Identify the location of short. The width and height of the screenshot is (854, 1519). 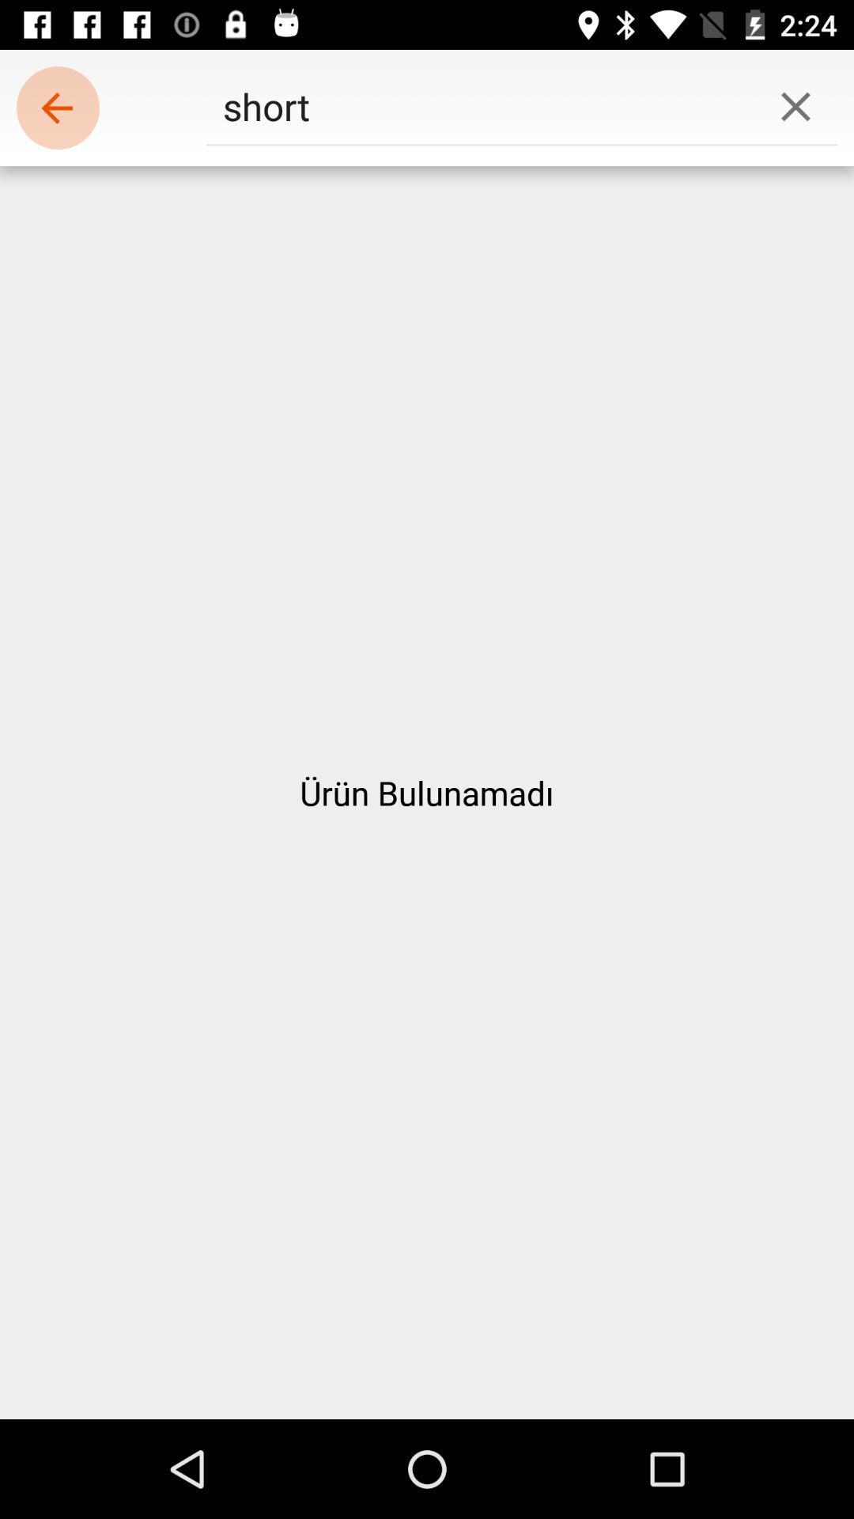
(479, 105).